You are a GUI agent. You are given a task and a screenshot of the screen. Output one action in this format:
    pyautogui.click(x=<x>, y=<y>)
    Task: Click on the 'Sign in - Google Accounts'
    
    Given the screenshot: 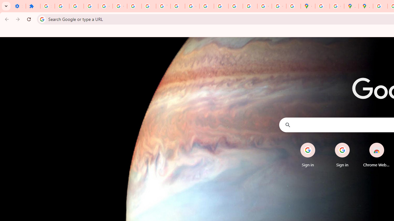 What is the action you would take?
    pyautogui.click(x=47, y=6)
    